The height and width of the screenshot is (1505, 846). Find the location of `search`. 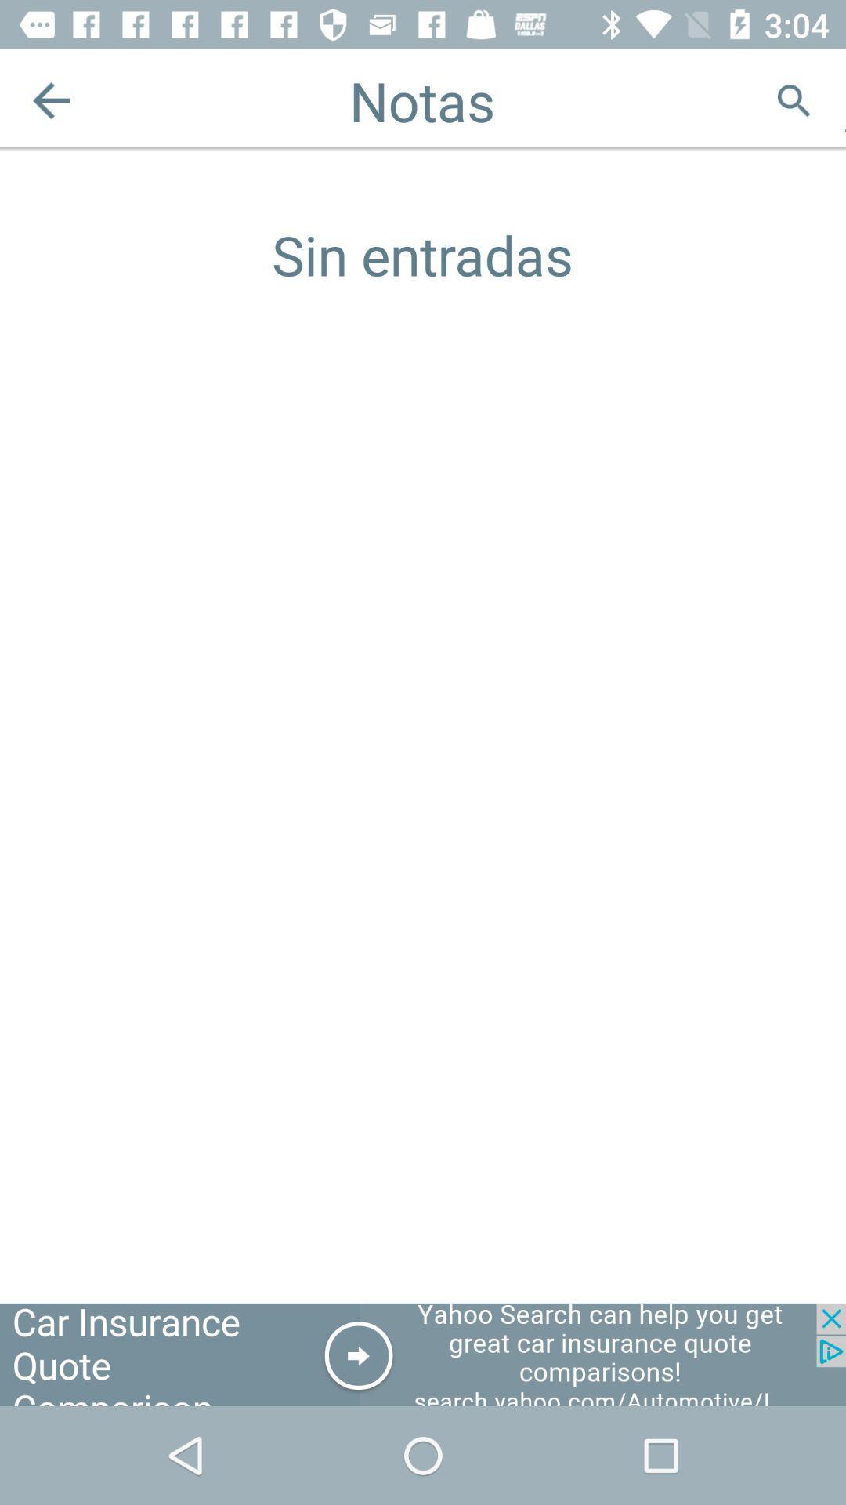

search is located at coordinates (794, 100).